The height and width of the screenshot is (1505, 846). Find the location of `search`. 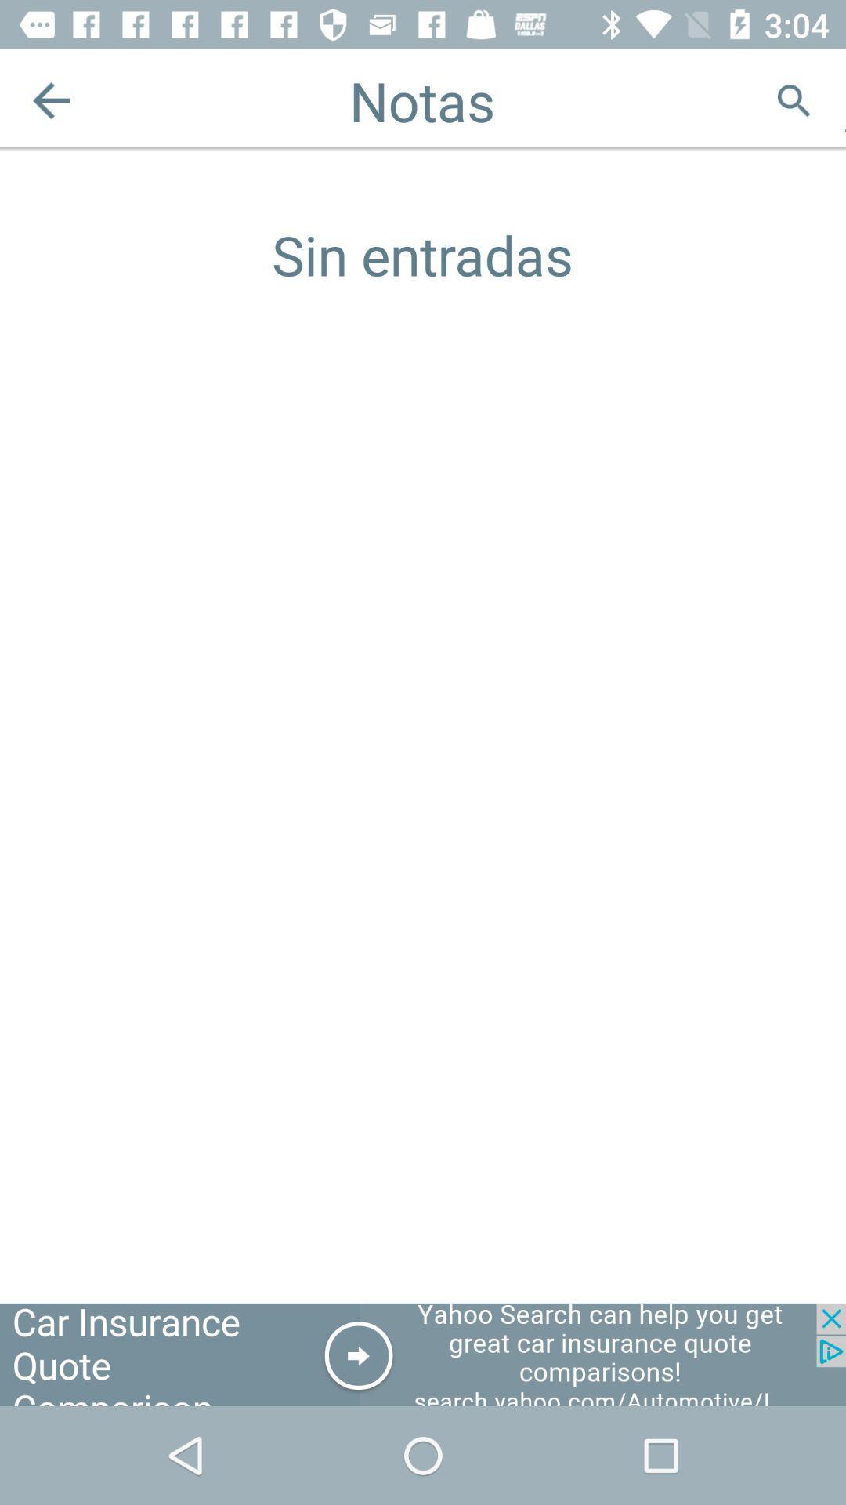

search is located at coordinates (794, 100).